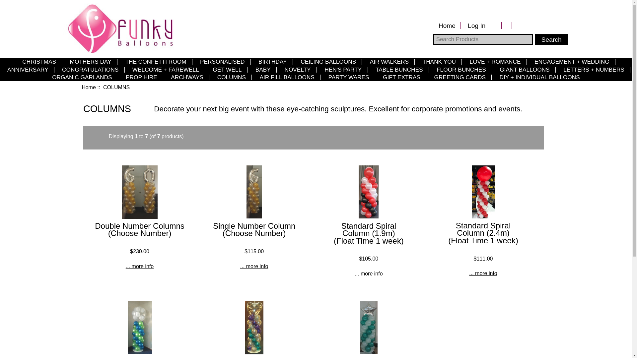 This screenshot has width=637, height=358. I want to click on 'ORGANIC GARLANDS', so click(82, 77).